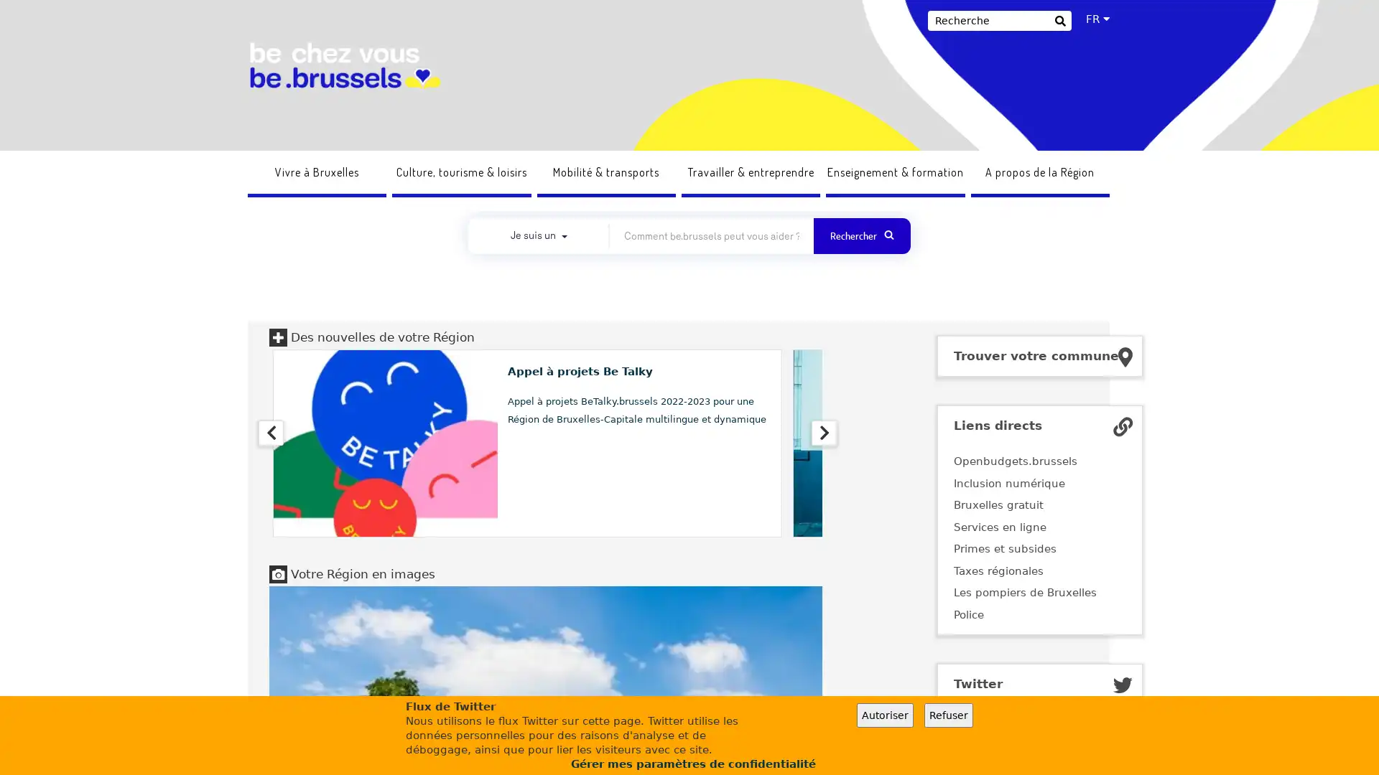  I want to click on Refuser, so click(948, 715).